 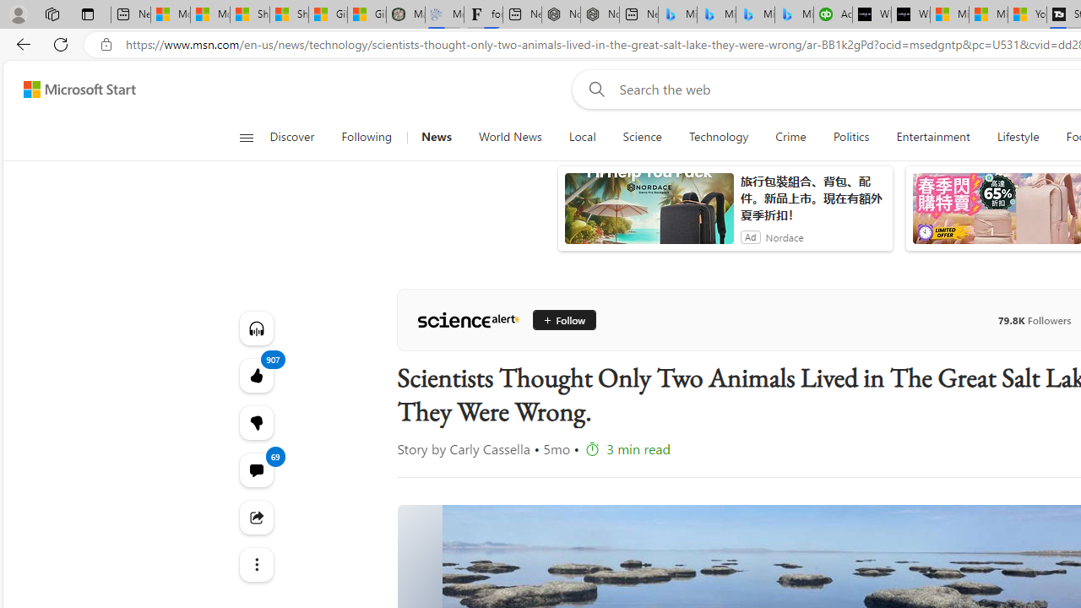 What do you see at coordinates (255, 564) in the screenshot?
I see `'See more'` at bounding box center [255, 564].